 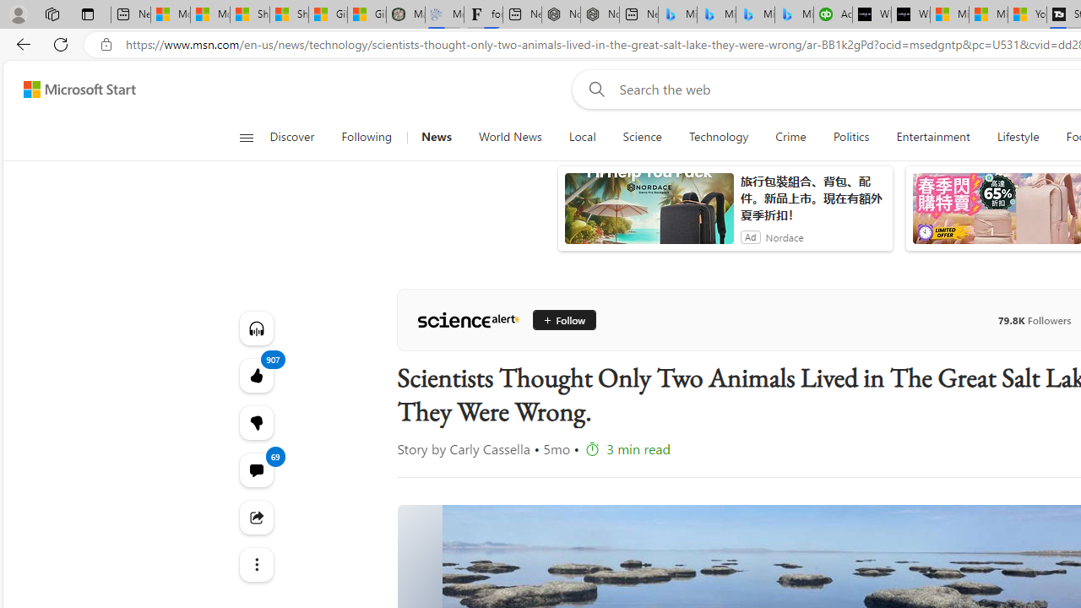 What do you see at coordinates (255, 564) in the screenshot?
I see `'See more'` at bounding box center [255, 564].